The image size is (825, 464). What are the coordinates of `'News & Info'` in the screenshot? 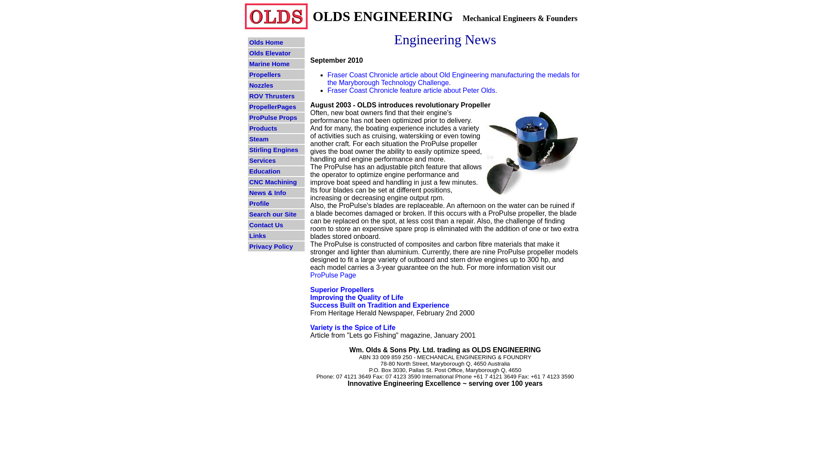 It's located at (276, 192).